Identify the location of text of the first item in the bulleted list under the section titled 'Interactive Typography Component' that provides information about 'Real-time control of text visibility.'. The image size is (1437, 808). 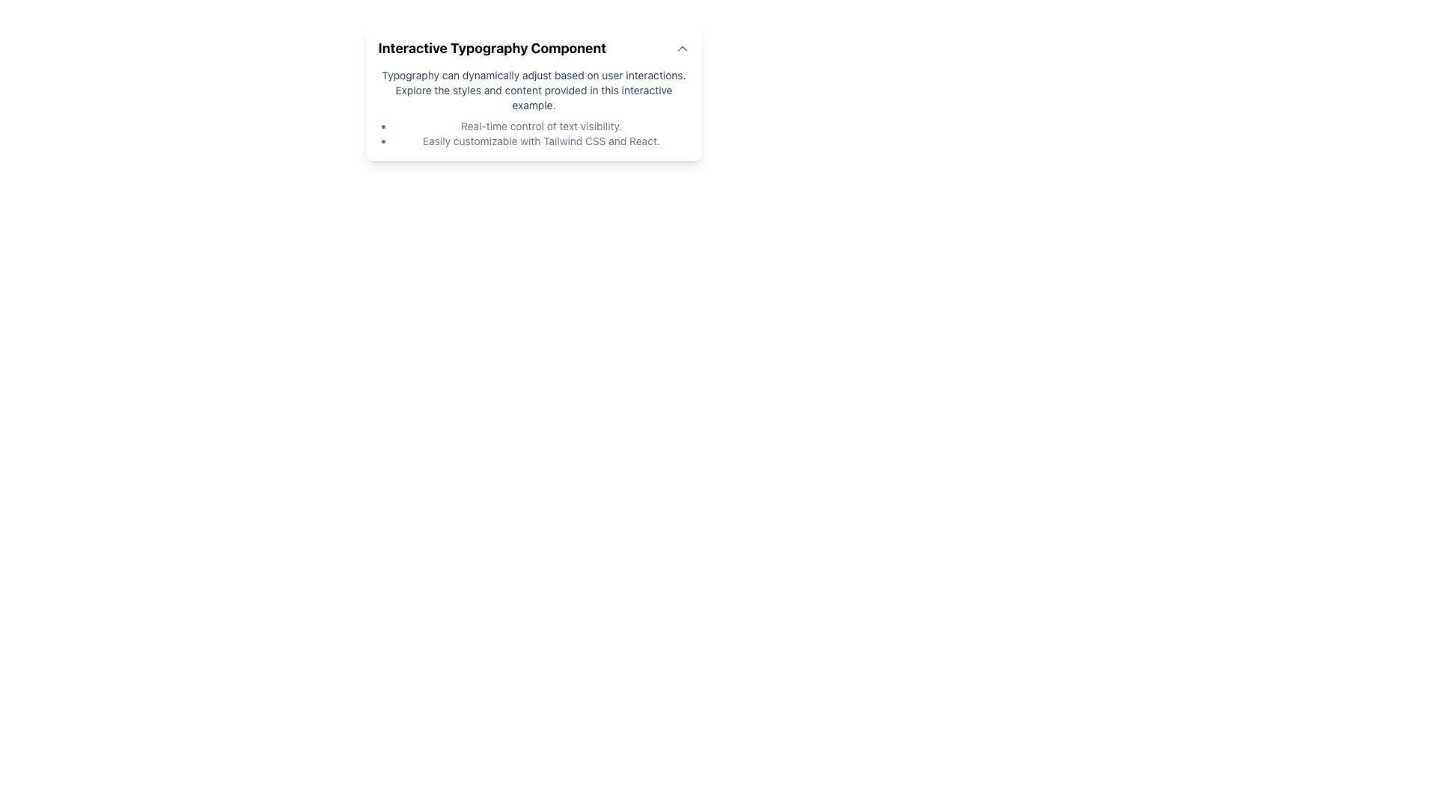
(540, 126).